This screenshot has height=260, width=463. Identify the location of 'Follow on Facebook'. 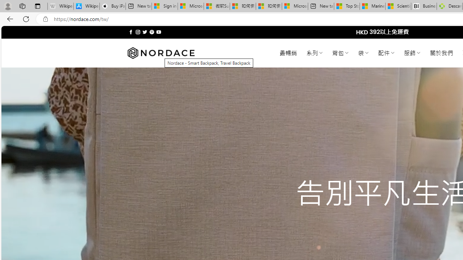
(131, 32).